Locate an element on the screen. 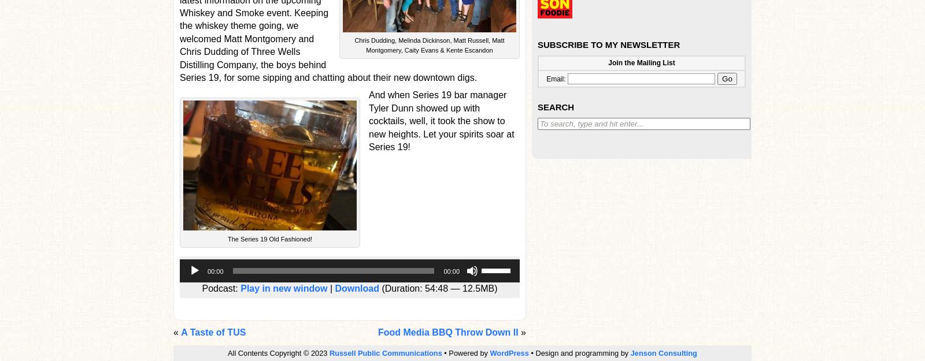  '• Design and programming by' is located at coordinates (579, 352).